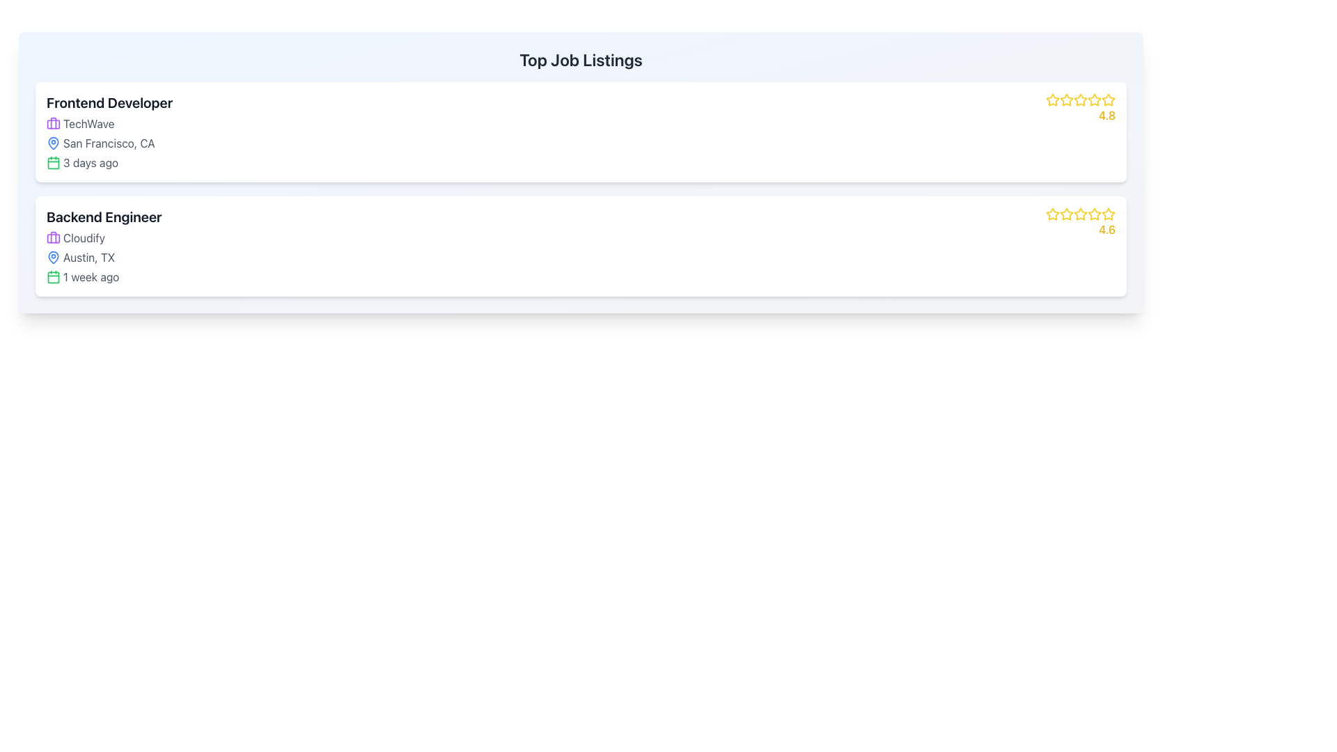 This screenshot has height=752, width=1337. Describe the element at coordinates (109, 162) in the screenshot. I see `the Labeled Icon that features a green calendar icon followed by the text '3 days ago' in gray font, situated below 'San Francisco, CA' in the job listing details` at that location.